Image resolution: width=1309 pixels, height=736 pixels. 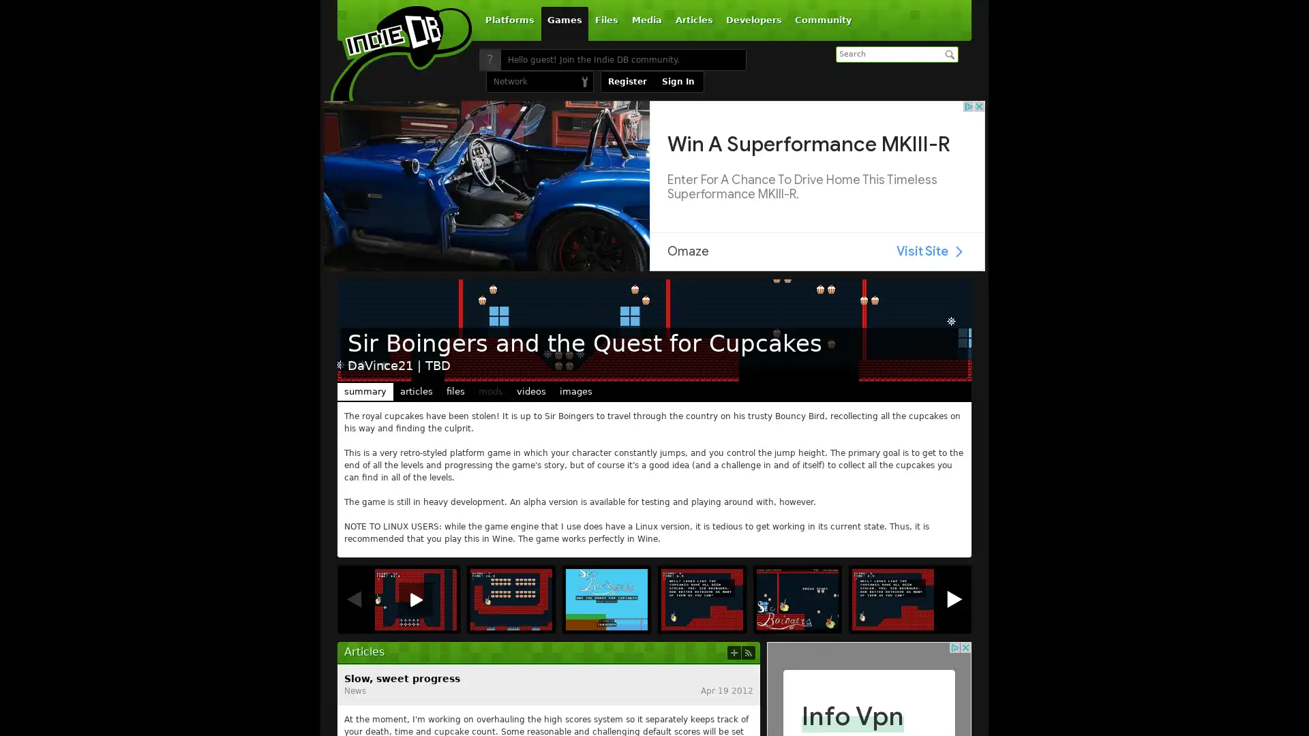 I want to click on Search, so click(x=948, y=54).